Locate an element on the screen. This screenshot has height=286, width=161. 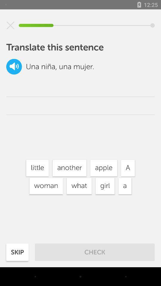
icon next to the another is located at coordinates (103, 168).